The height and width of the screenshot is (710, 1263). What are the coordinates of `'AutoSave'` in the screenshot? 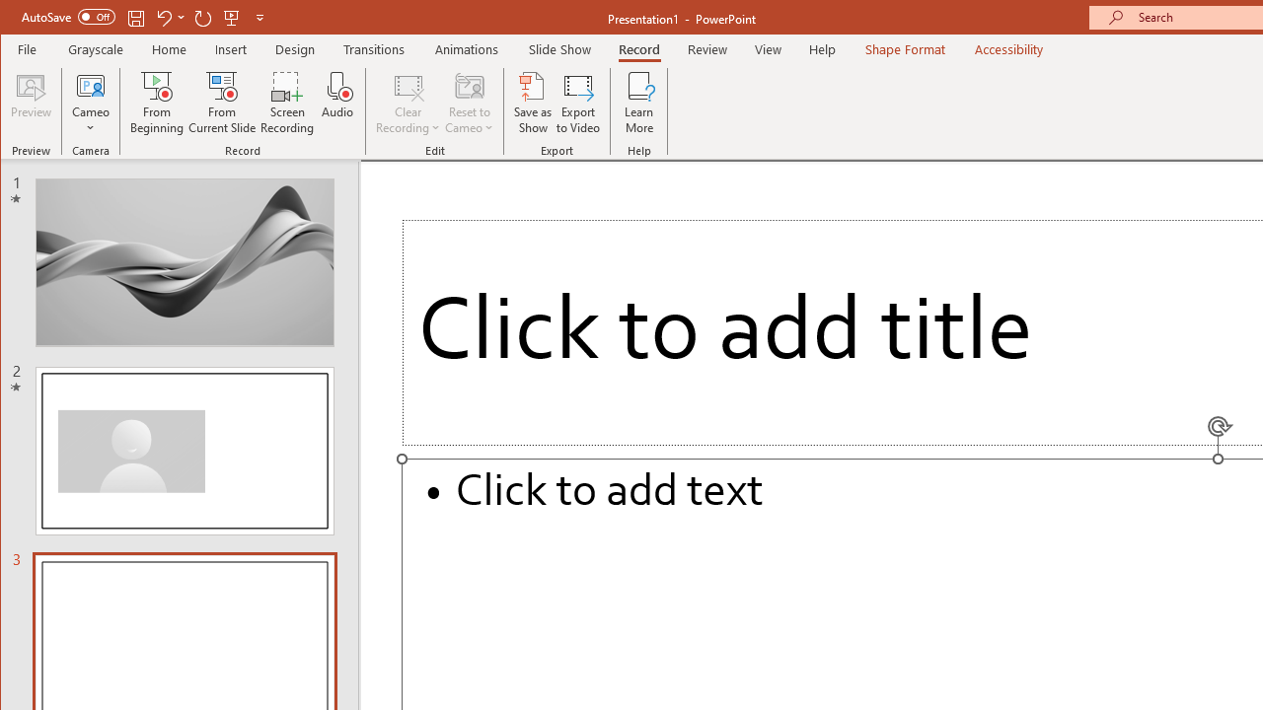 It's located at (68, 17).